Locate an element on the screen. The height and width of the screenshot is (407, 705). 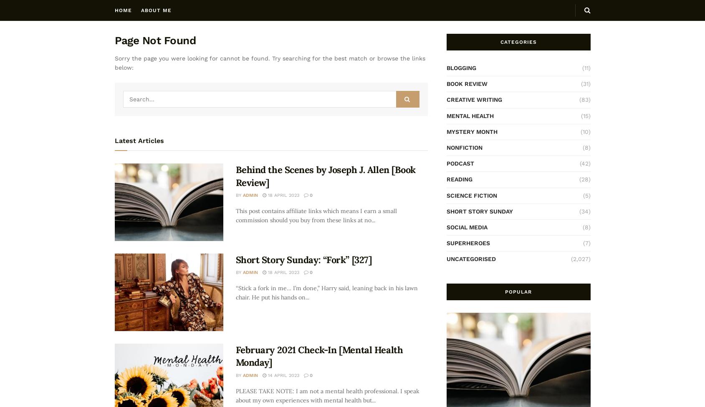
'(31)' is located at coordinates (585, 83).